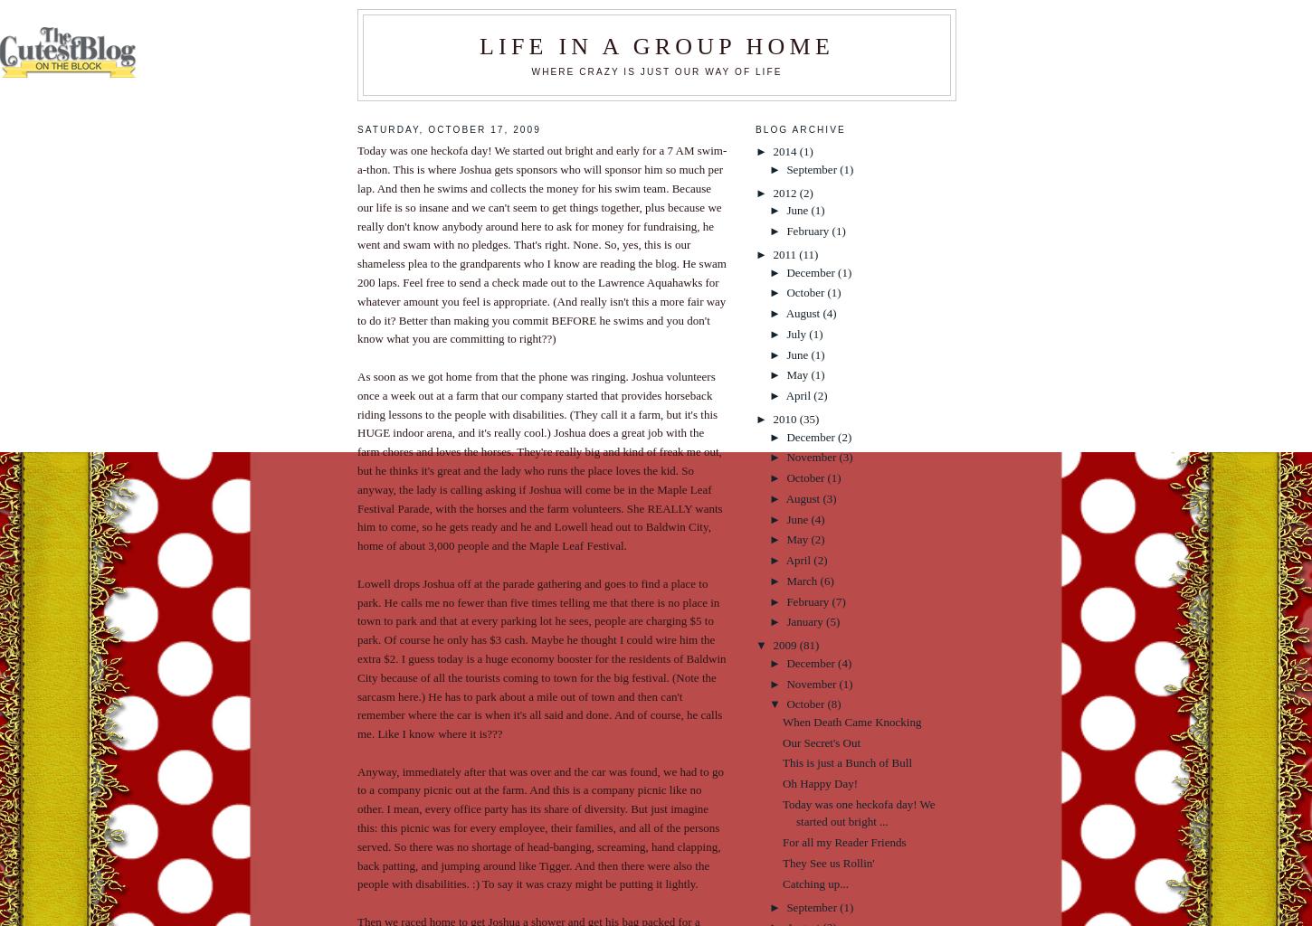  Describe the element at coordinates (799, 128) in the screenshot. I see `'Blog Archive'` at that location.